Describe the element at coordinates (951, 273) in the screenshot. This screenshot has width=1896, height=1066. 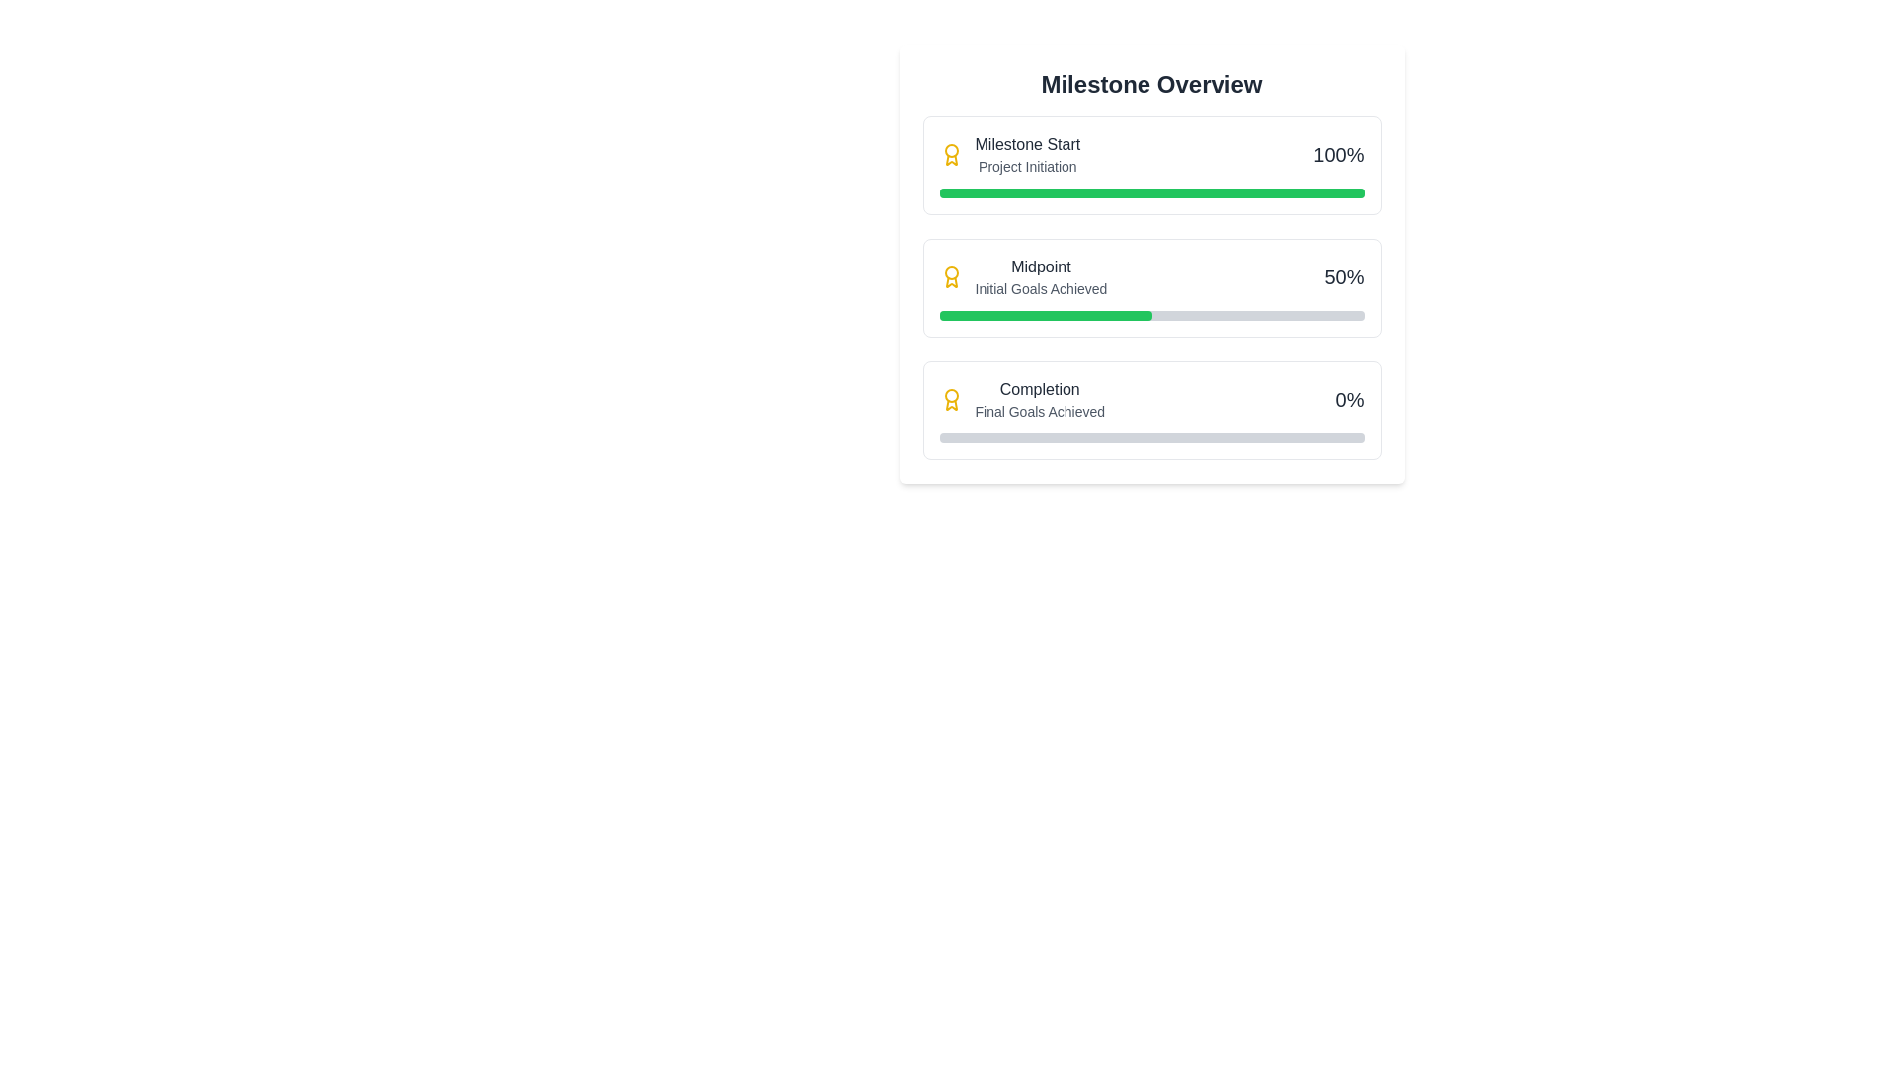
I see `the circular graphical element within the SVG` at that location.